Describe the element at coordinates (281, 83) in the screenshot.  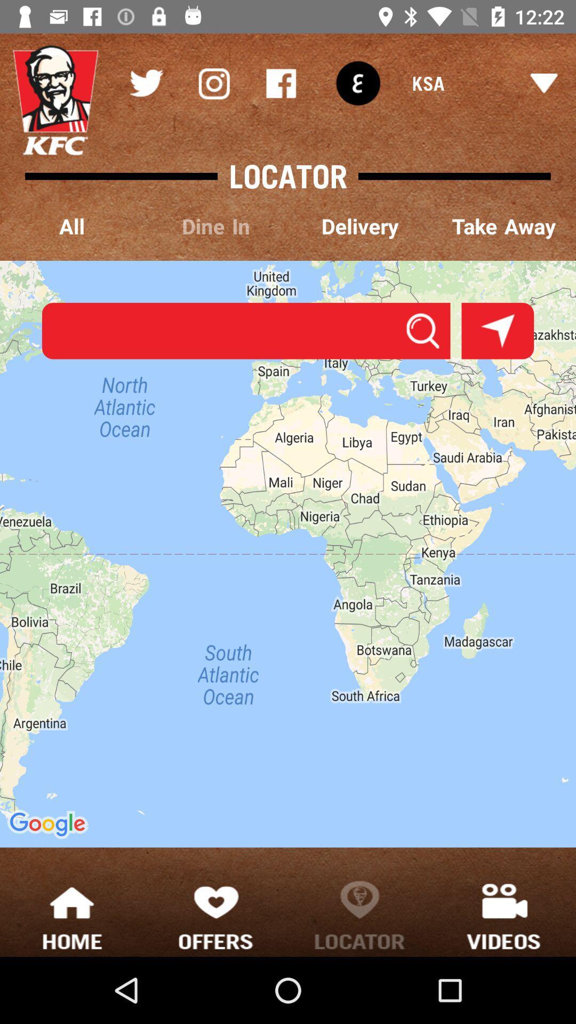
I see `the facebook icon` at that location.